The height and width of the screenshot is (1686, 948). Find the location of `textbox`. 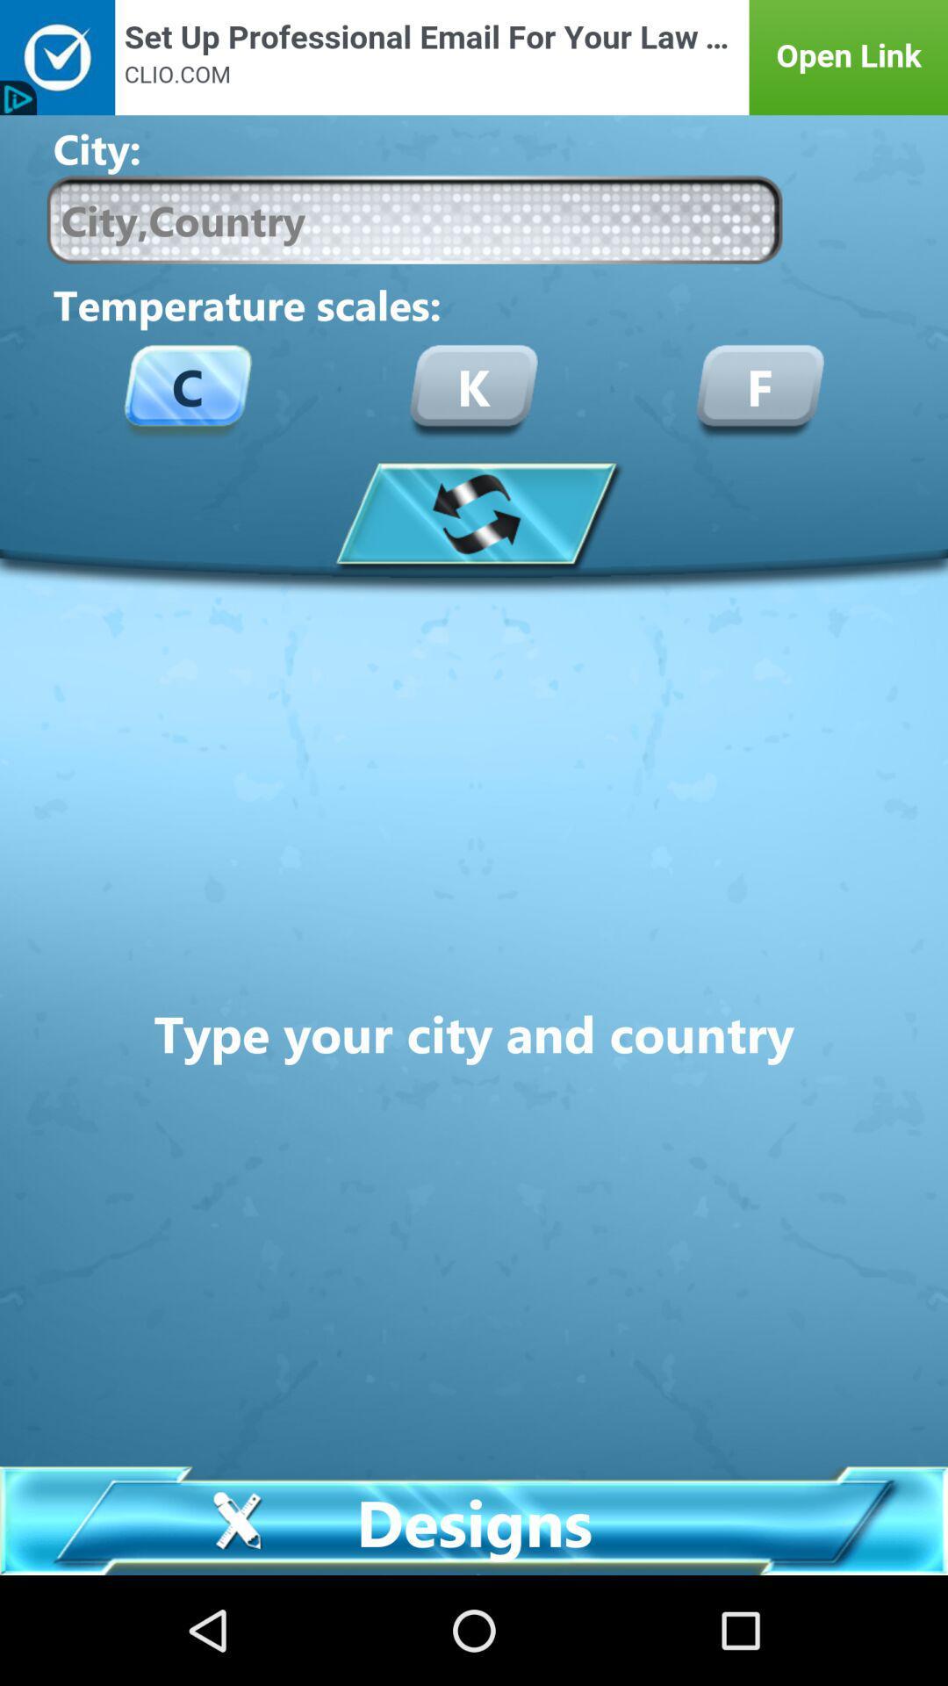

textbox is located at coordinates (414, 219).